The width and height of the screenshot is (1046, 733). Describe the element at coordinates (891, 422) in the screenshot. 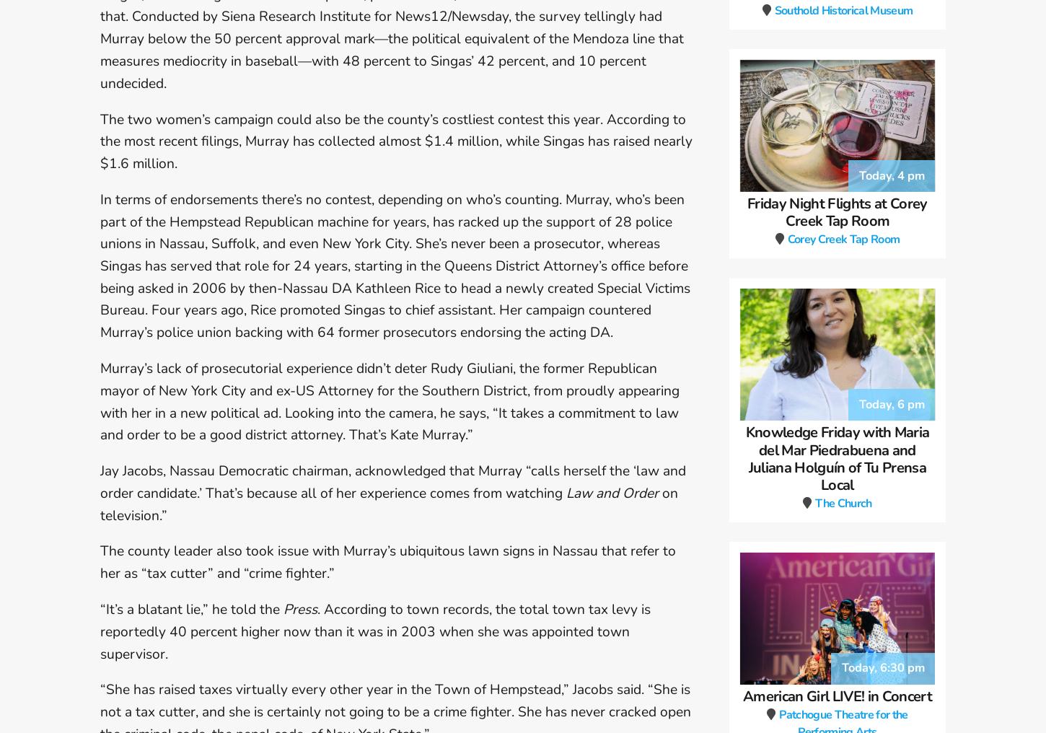

I see `'Today, 6 pm'` at that location.